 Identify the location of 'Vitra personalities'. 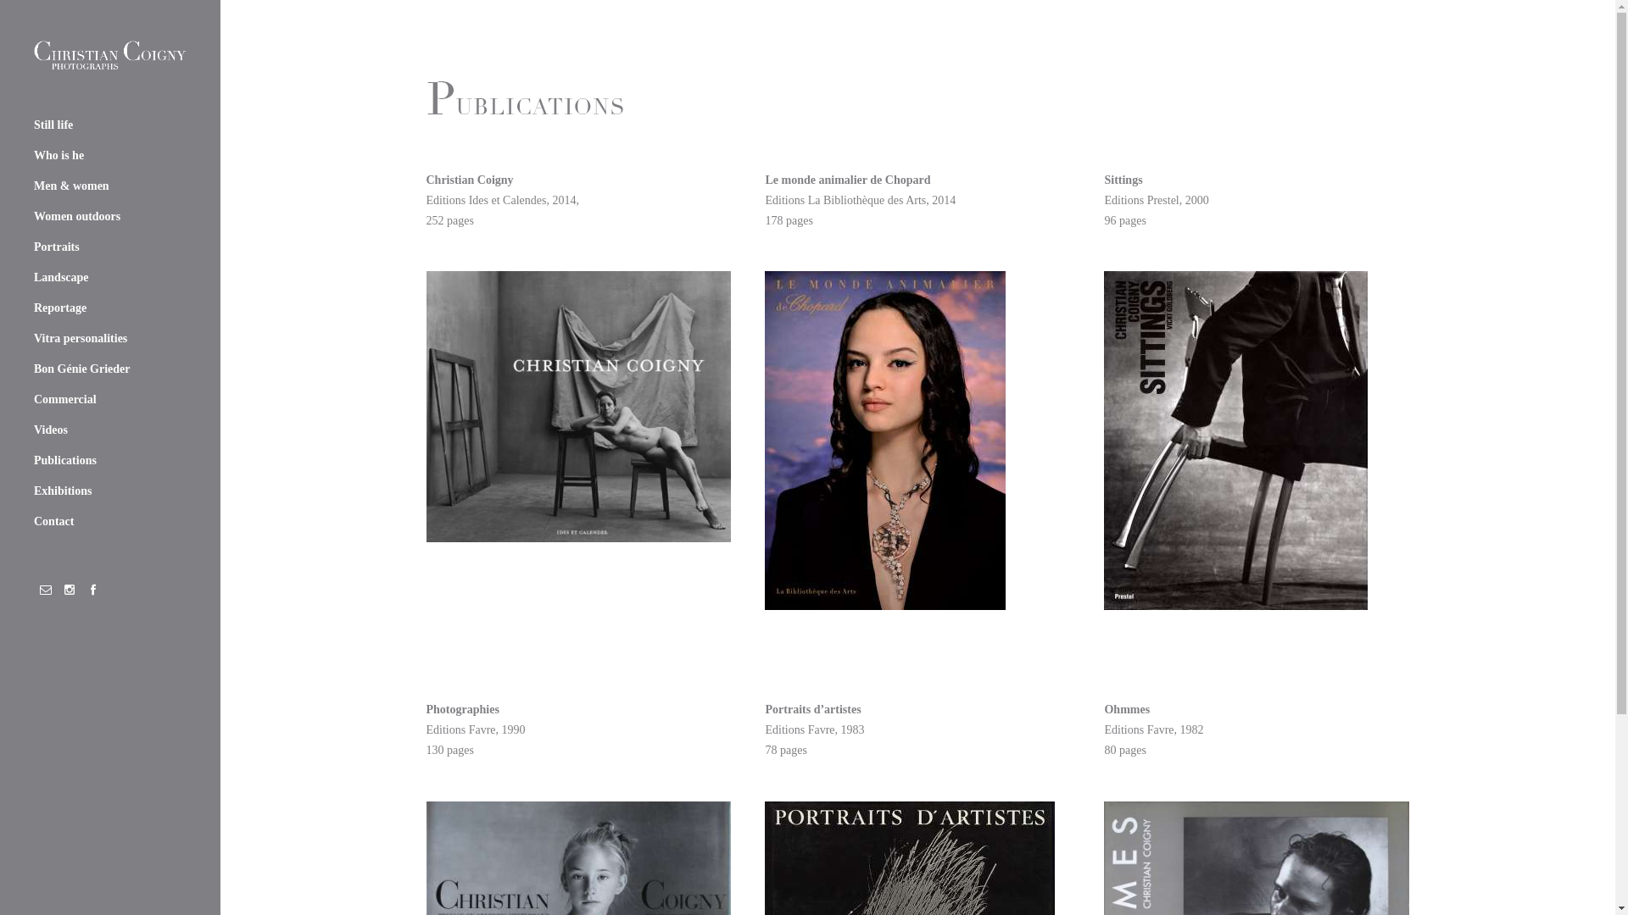
(33, 339).